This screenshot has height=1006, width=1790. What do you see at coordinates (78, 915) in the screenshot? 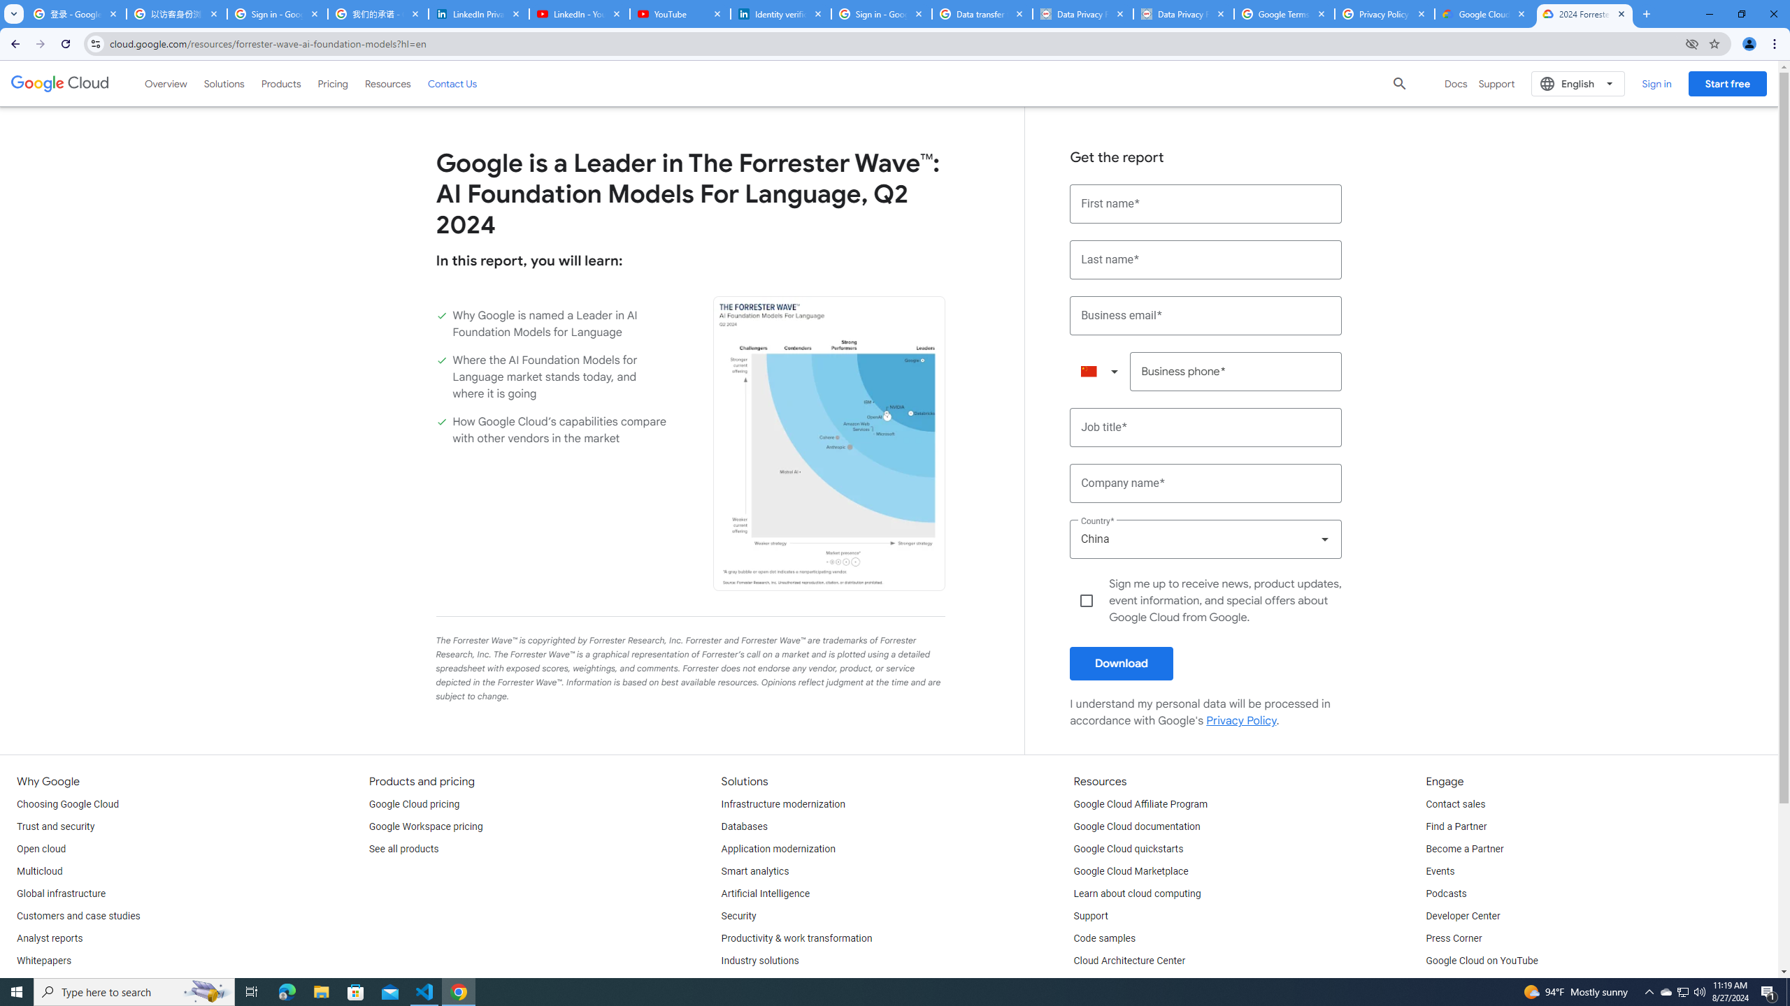
I see `'Customers and case studies'` at bounding box center [78, 915].